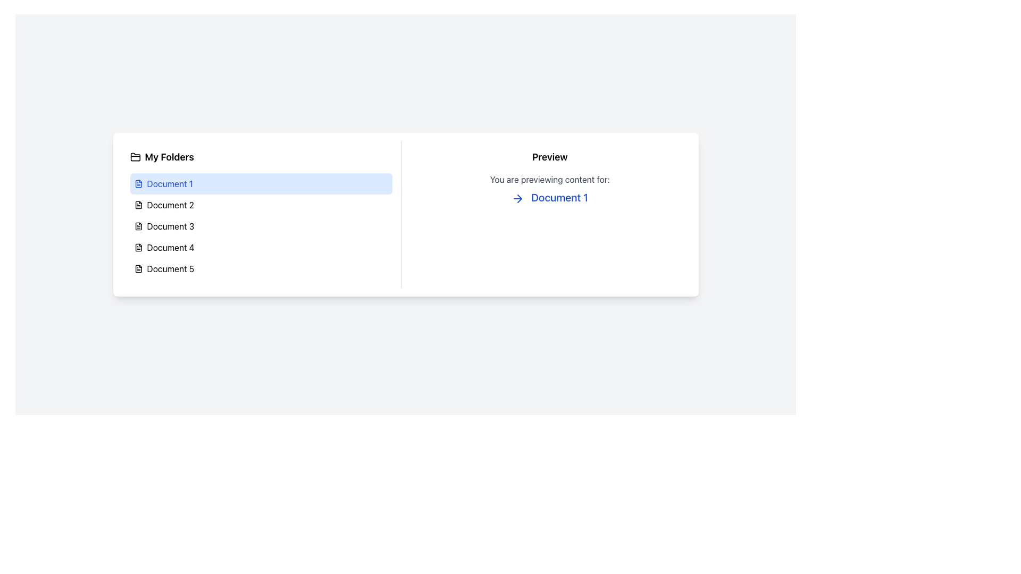 The height and width of the screenshot is (574, 1021). What do you see at coordinates (261, 248) in the screenshot?
I see `the fourth list item labeled 'Document 4' in the 'My Folders' panel` at bounding box center [261, 248].